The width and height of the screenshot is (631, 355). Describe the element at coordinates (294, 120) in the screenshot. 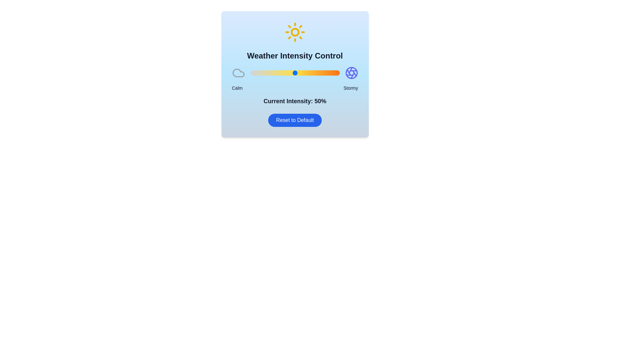

I see `the 'Reset to Default' button to reset the weather intensity to its default value` at that location.